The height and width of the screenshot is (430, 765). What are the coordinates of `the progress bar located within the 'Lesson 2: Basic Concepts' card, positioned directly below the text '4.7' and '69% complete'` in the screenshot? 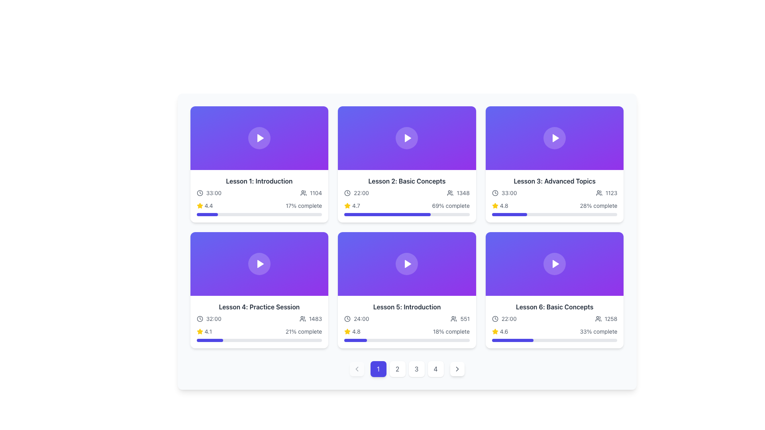 It's located at (387, 214).